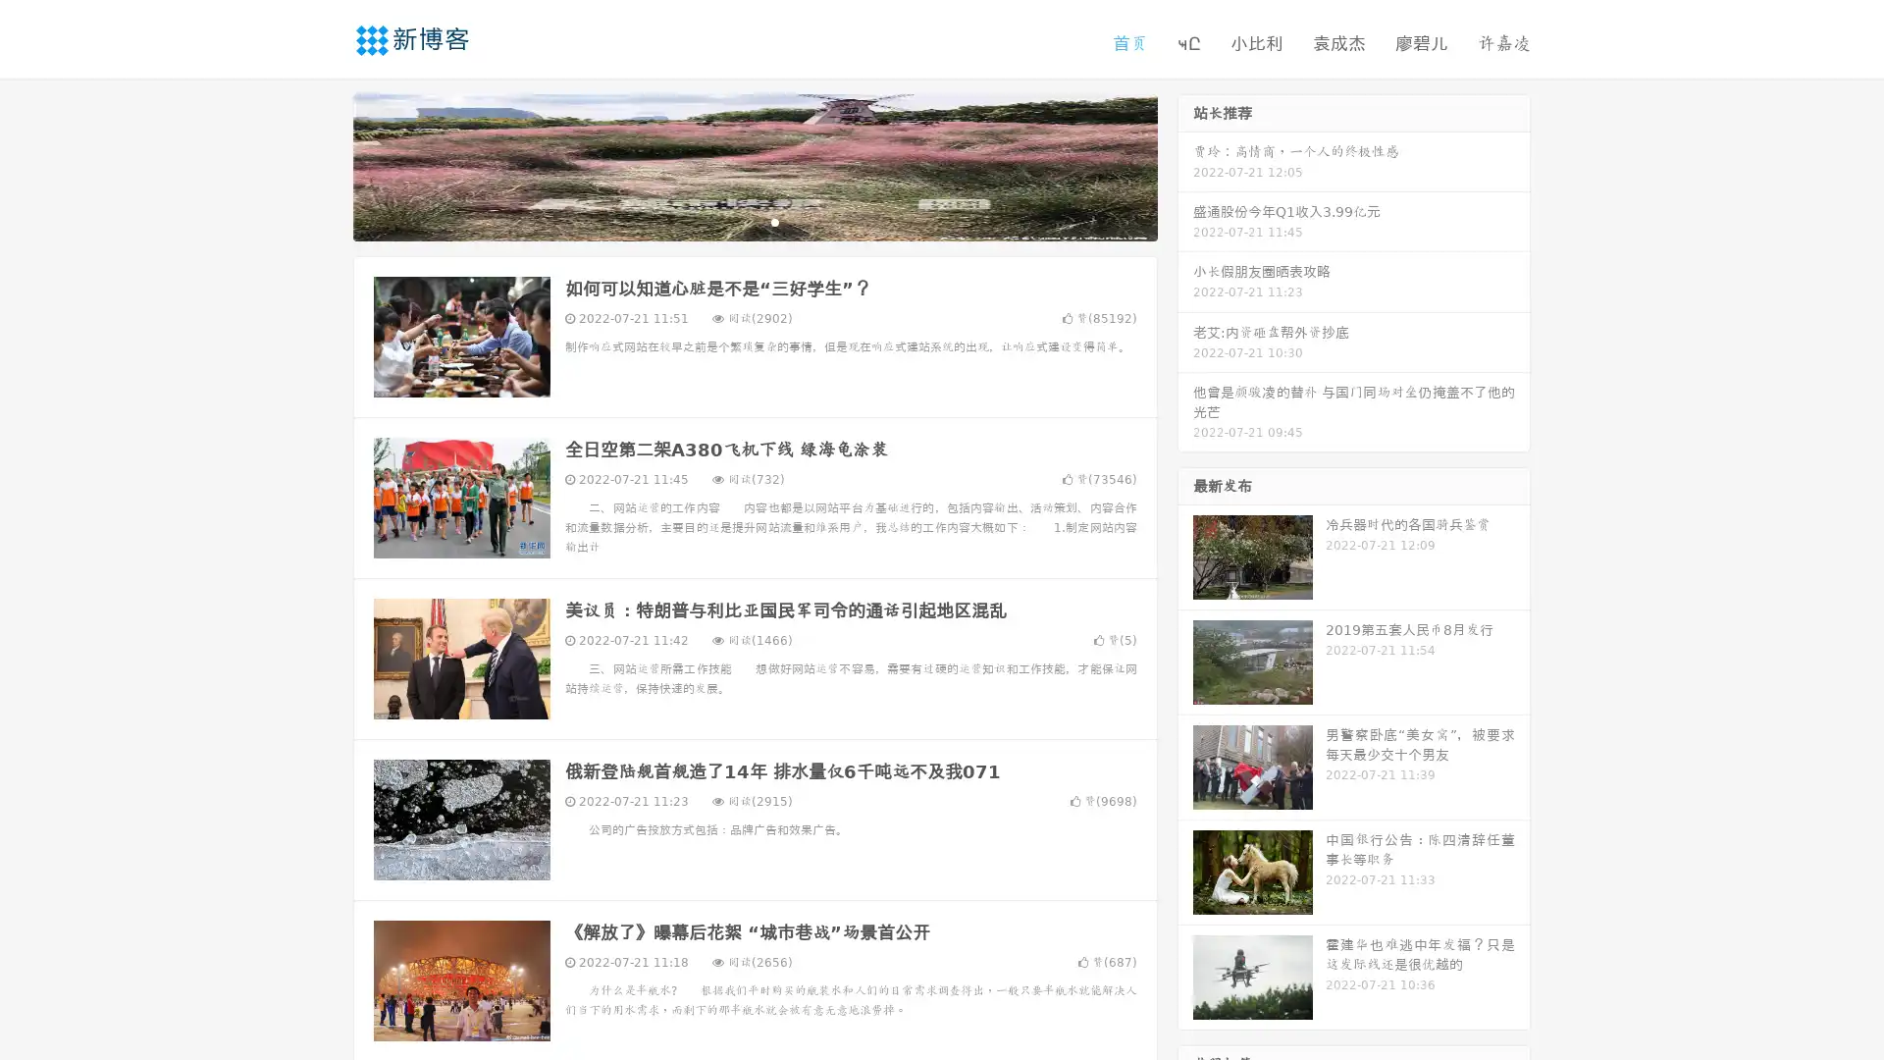 Image resolution: width=1884 pixels, height=1060 pixels. What do you see at coordinates (754, 221) in the screenshot?
I see `Go to slide 2` at bounding box center [754, 221].